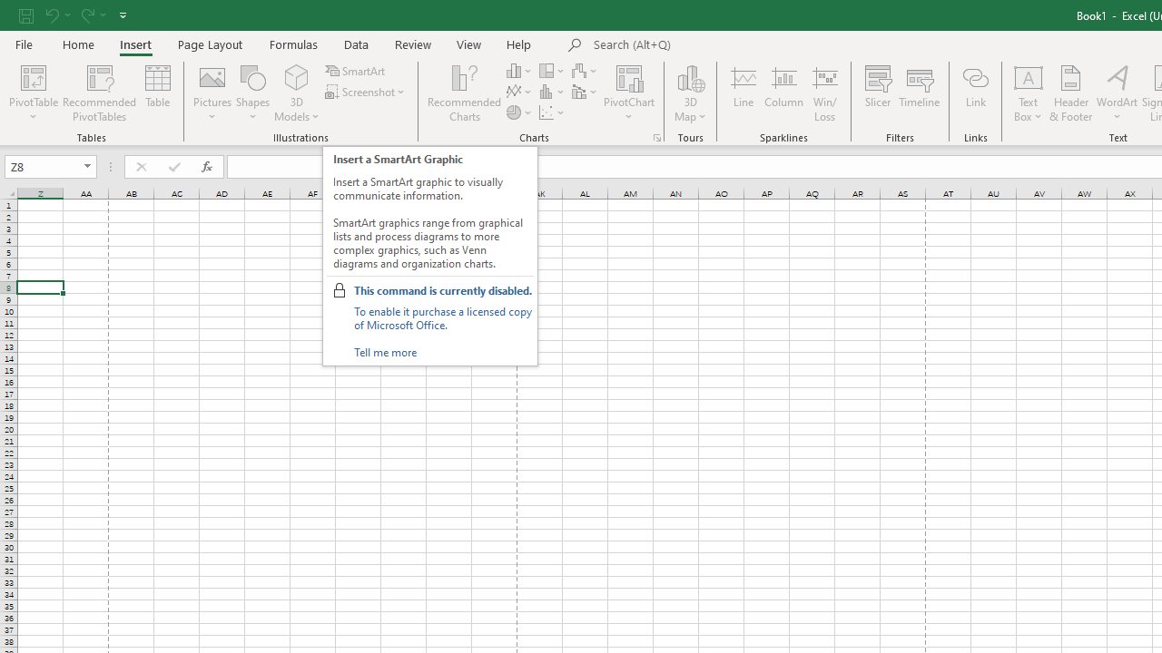 The height and width of the screenshot is (653, 1162). I want to click on 'Data', so click(356, 44).